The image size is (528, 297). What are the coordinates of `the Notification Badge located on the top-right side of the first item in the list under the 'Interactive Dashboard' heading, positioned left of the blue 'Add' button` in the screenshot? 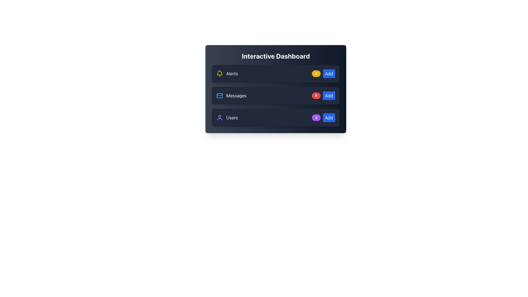 It's located at (316, 73).